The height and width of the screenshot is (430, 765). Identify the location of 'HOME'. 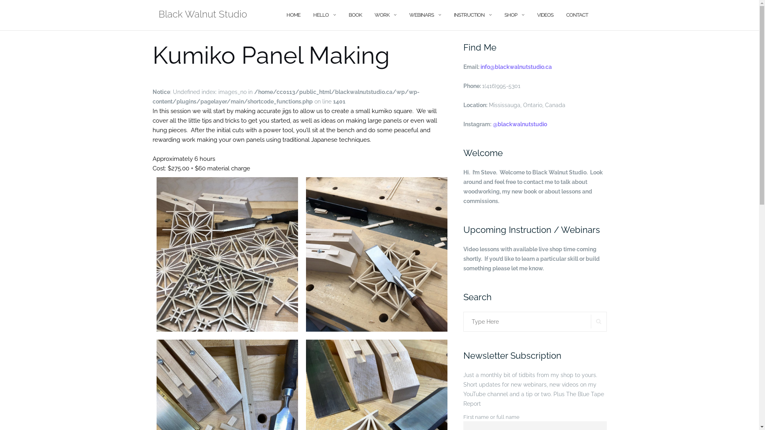
(292, 15).